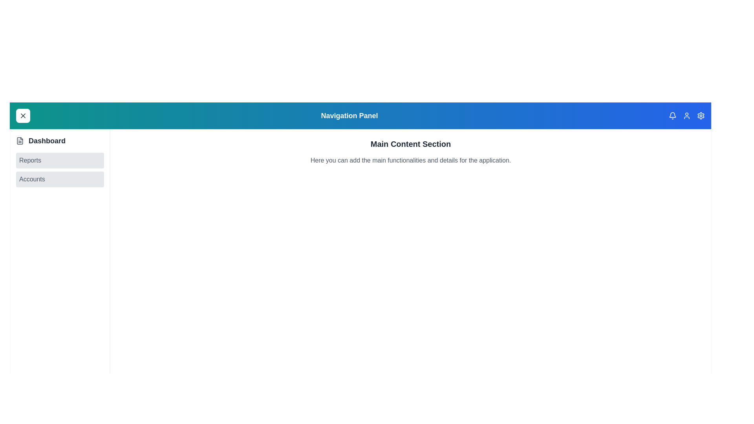  What do you see at coordinates (60, 140) in the screenshot?
I see `the first navigation menu item in the sidebar` at bounding box center [60, 140].